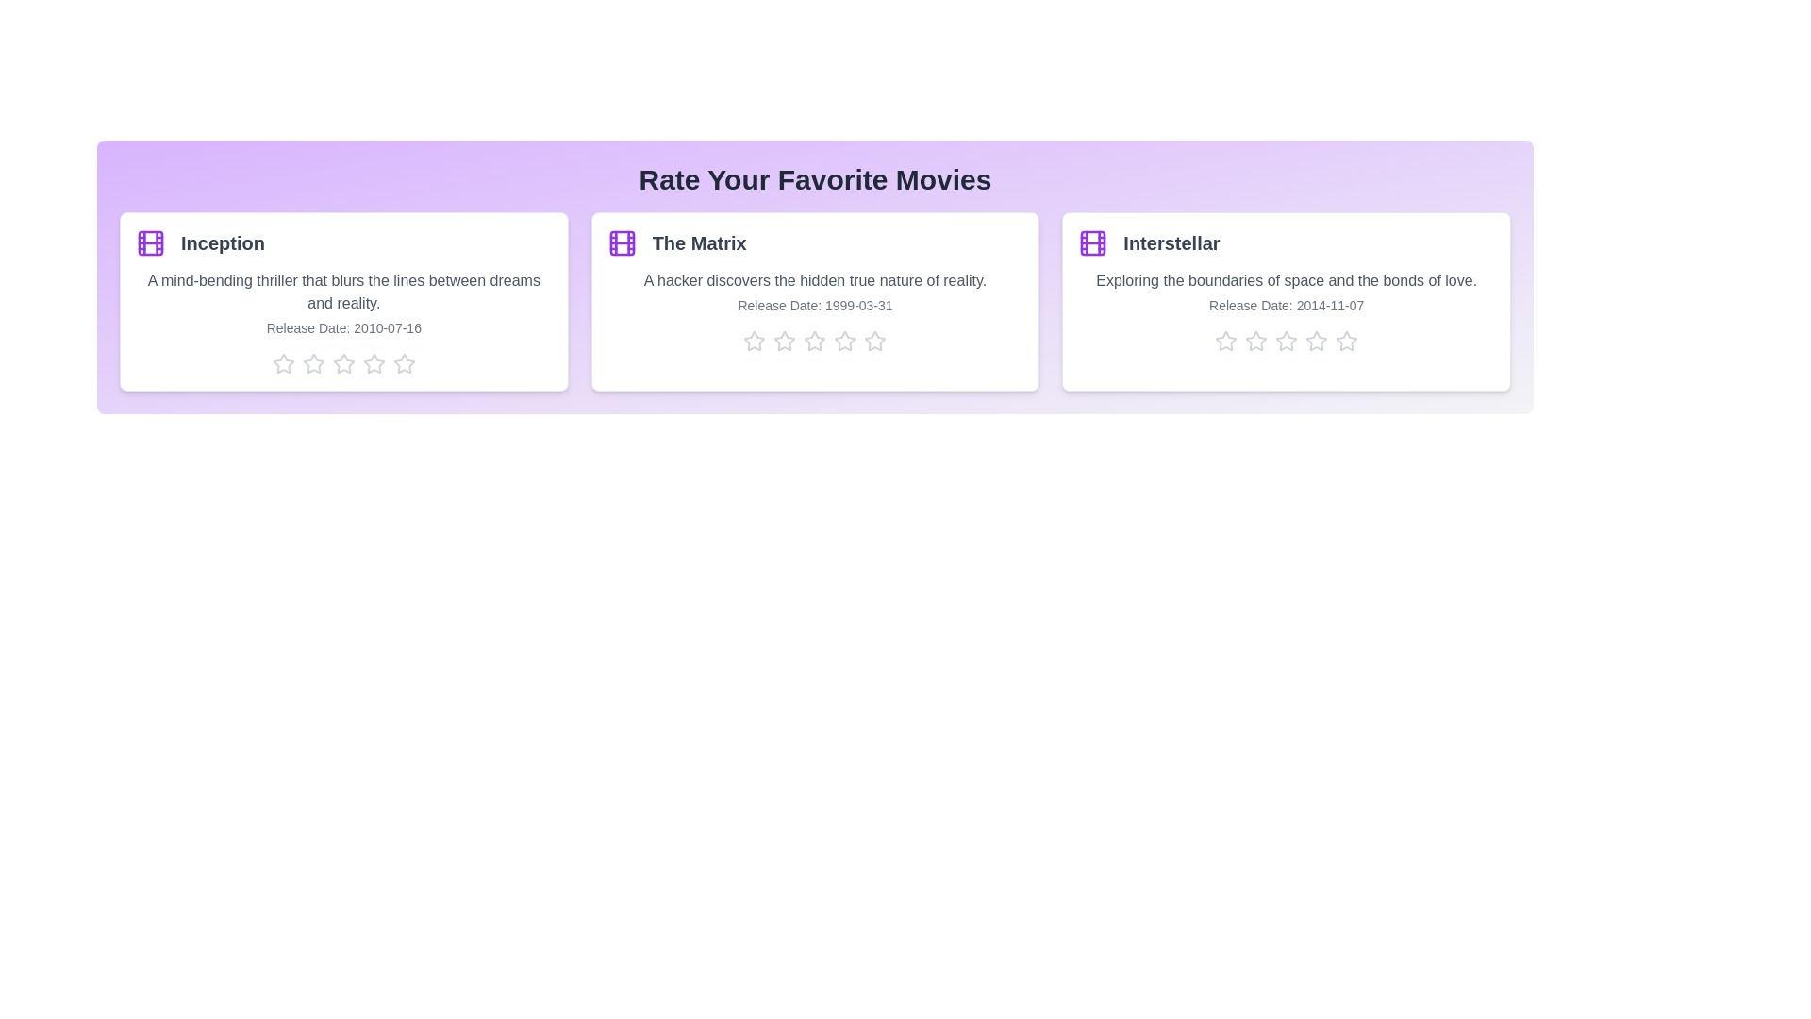  What do you see at coordinates (874, 342) in the screenshot?
I see `the star corresponding to 5 stars for the movie The Matrix` at bounding box center [874, 342].